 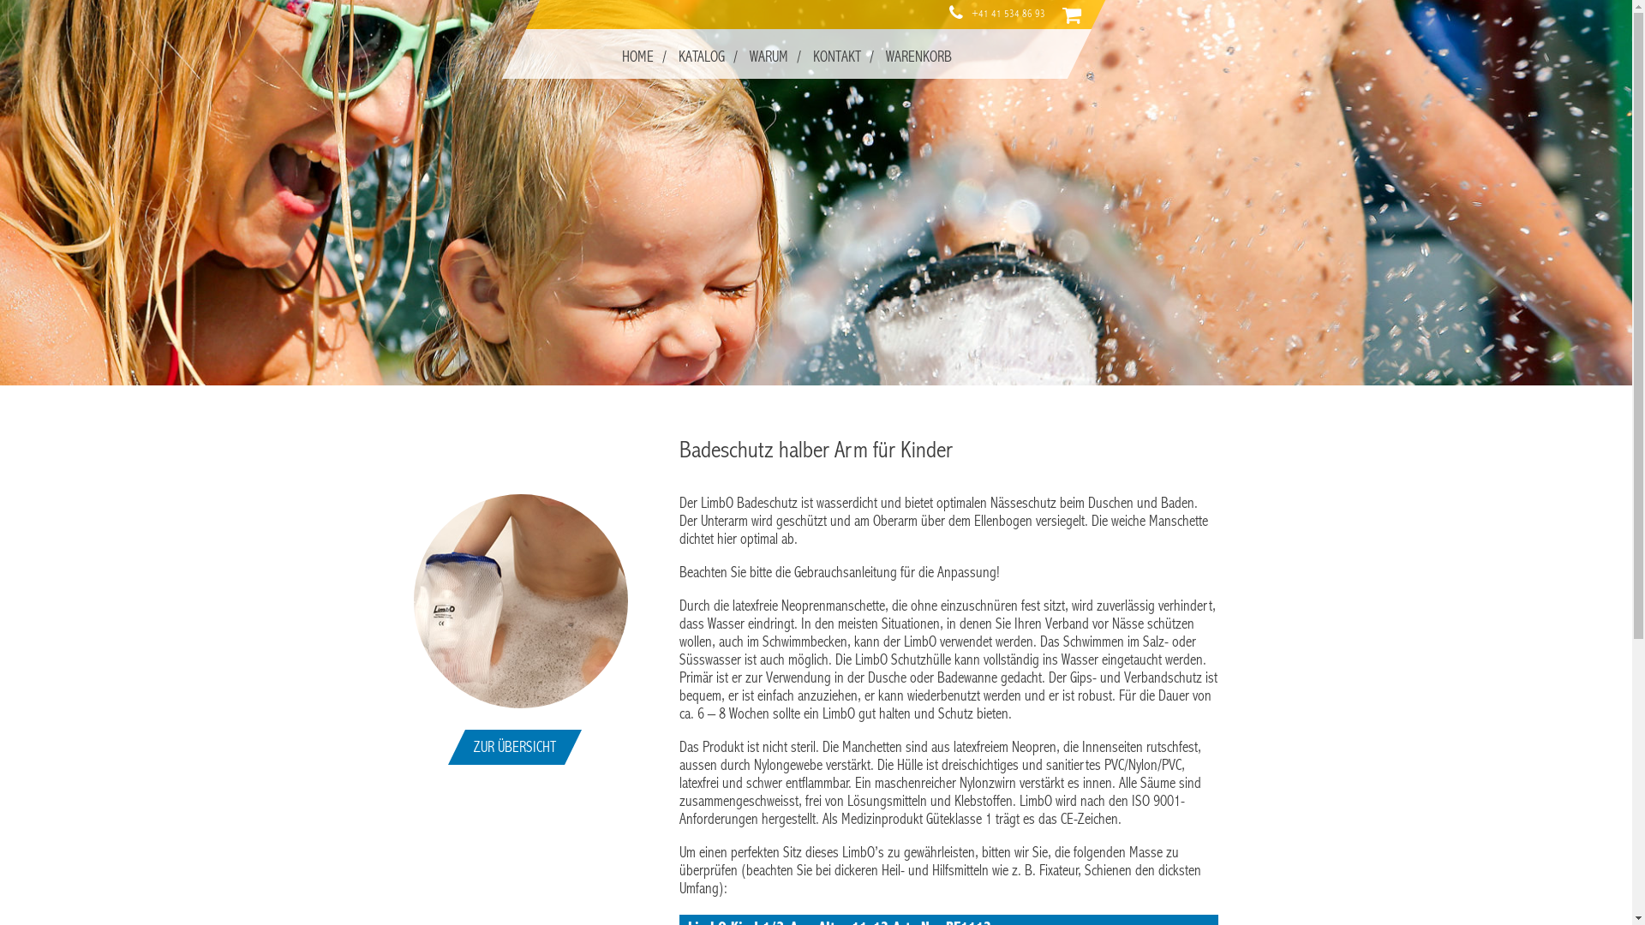 I want to click on 'WARUM', so click(x=767, y=56).